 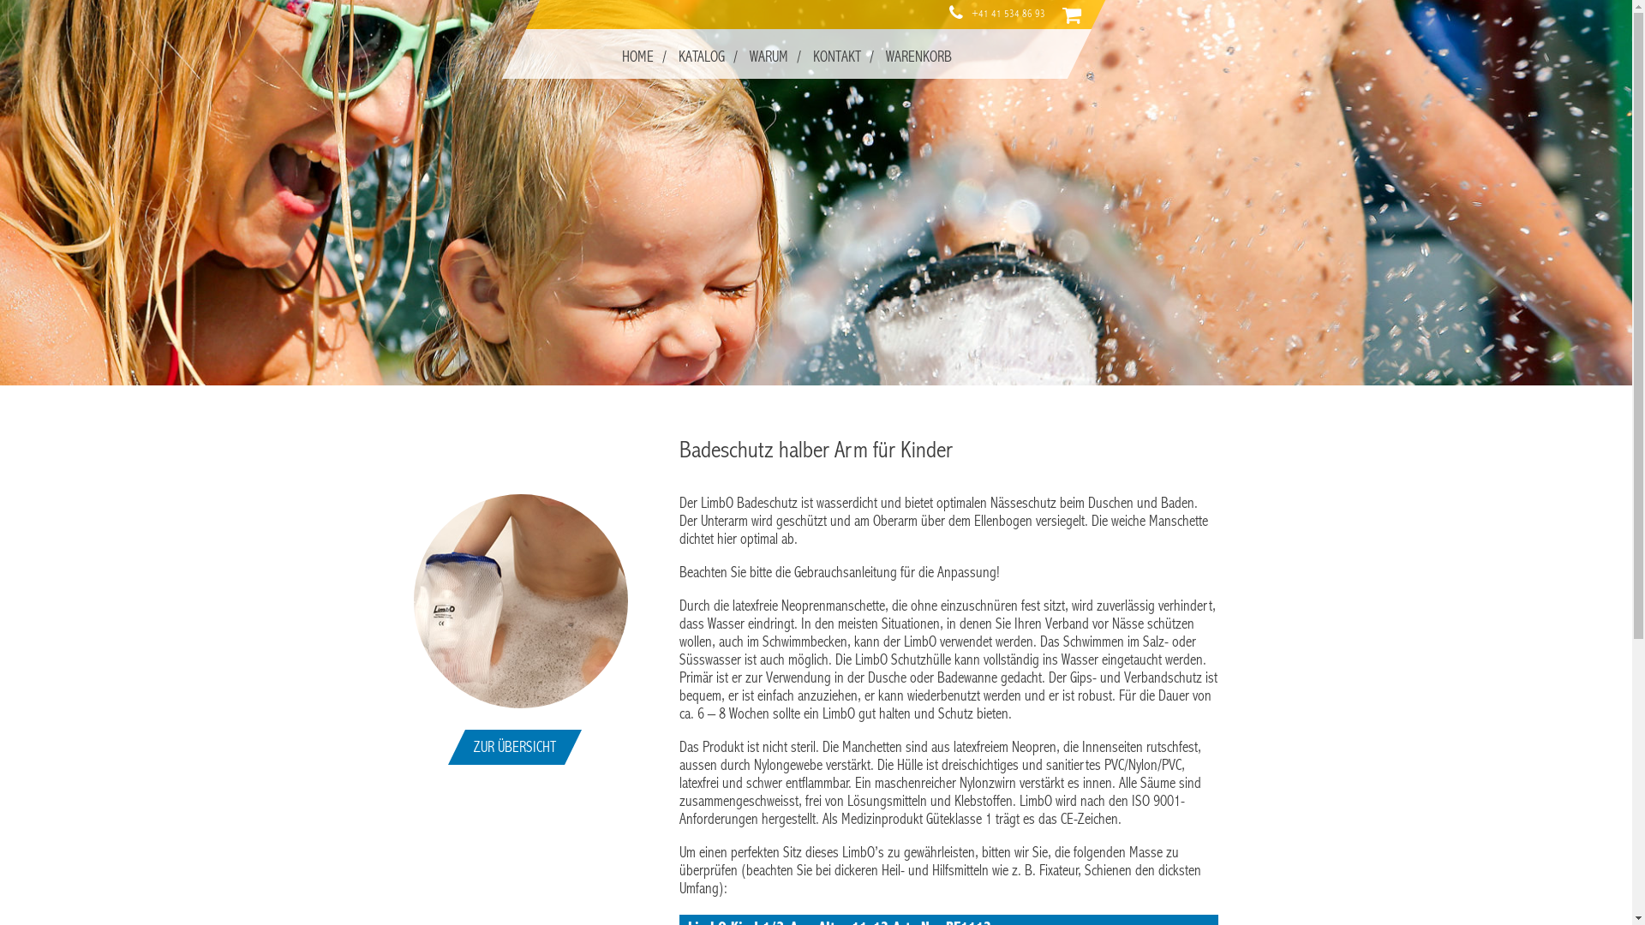 I want to click on 'WARUM', so click(x=767, y=56).